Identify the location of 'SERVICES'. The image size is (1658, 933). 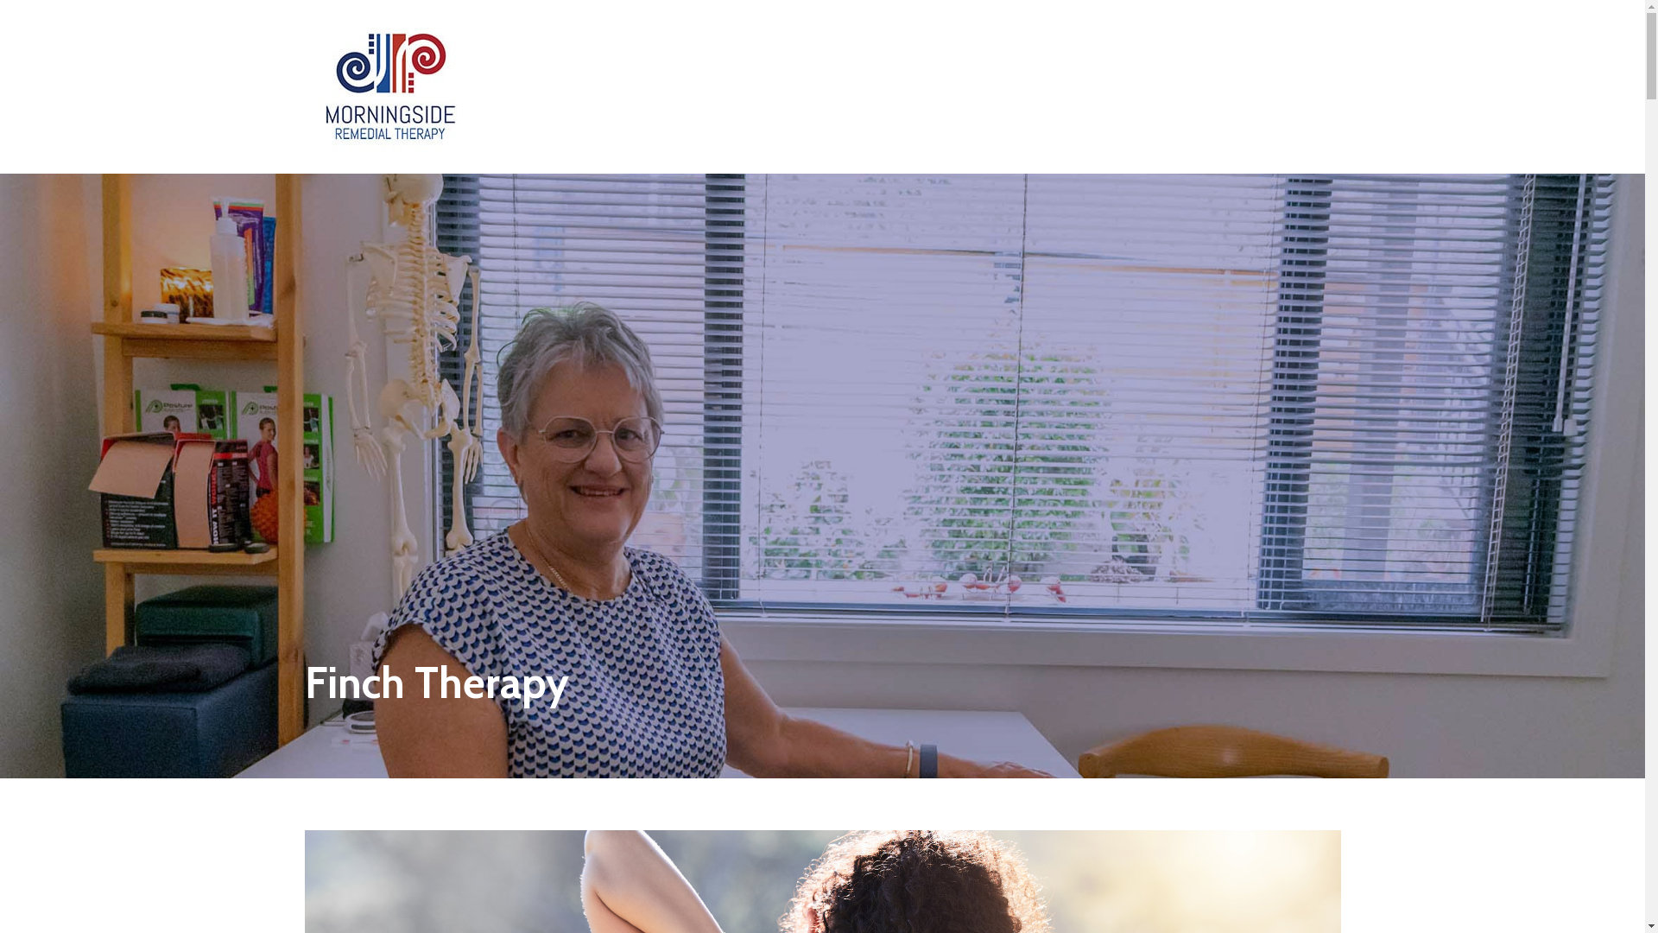
(912, 39).